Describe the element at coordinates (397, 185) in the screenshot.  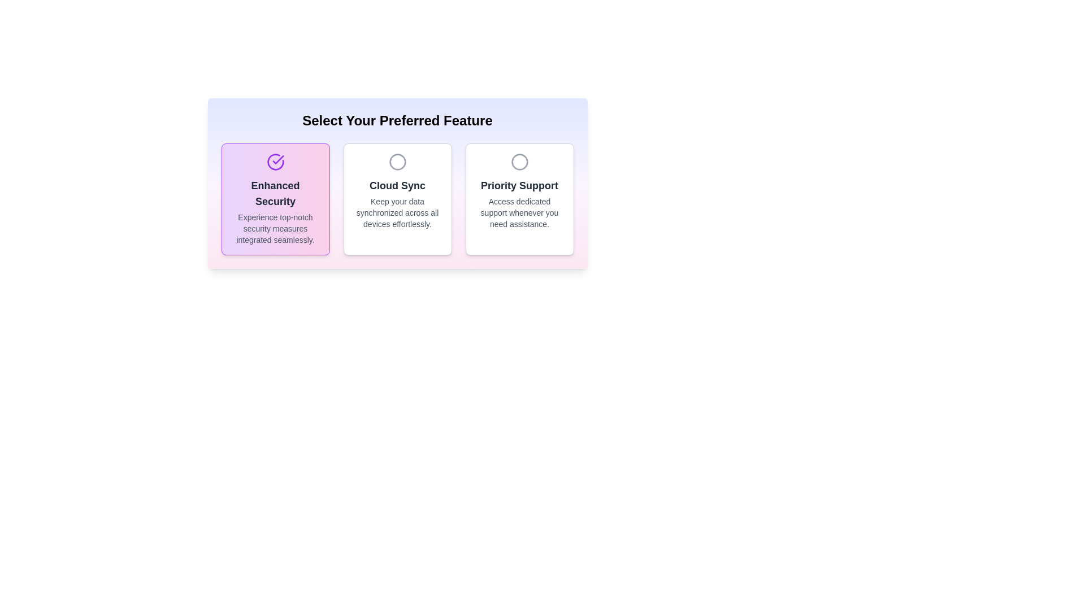
I see `the text label displaying 'Cloud Sync' in bold, dark gray color, located centrally within the second card under 'Select Your Preferred Feature'` at that location.